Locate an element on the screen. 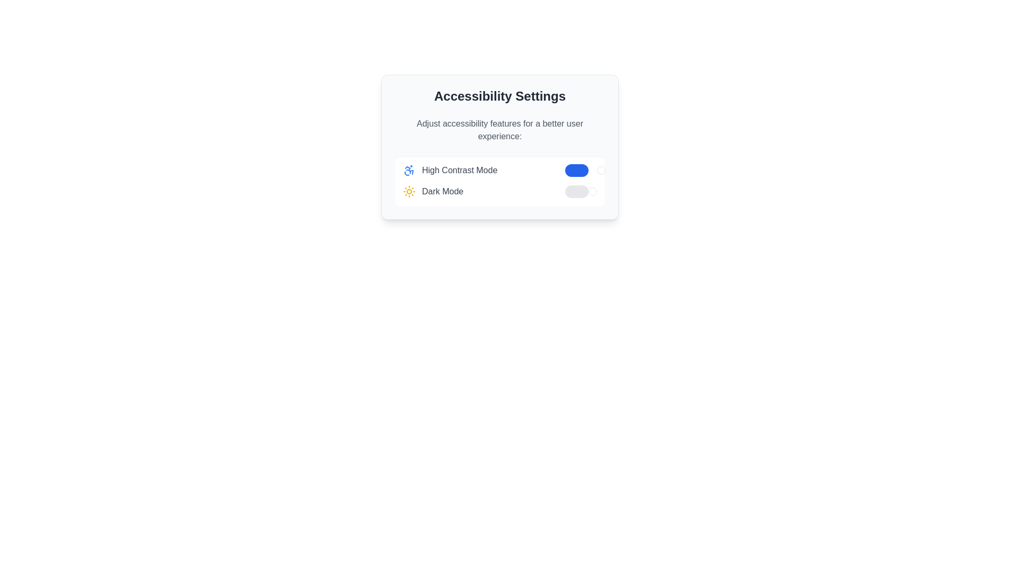 The height and width of the screenshot is (572, 1018). the 'High Contrast Mode' label, which displays in gray and is part of the accessibility settings section is located at coordinates (460, 169).